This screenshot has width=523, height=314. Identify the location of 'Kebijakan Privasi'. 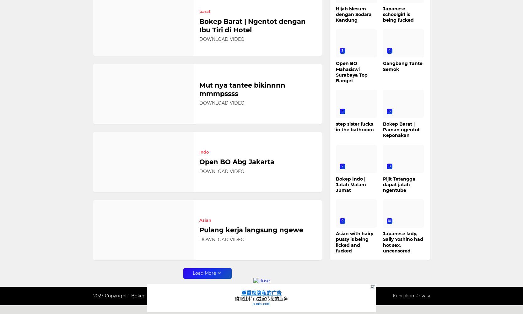
(392, 295).